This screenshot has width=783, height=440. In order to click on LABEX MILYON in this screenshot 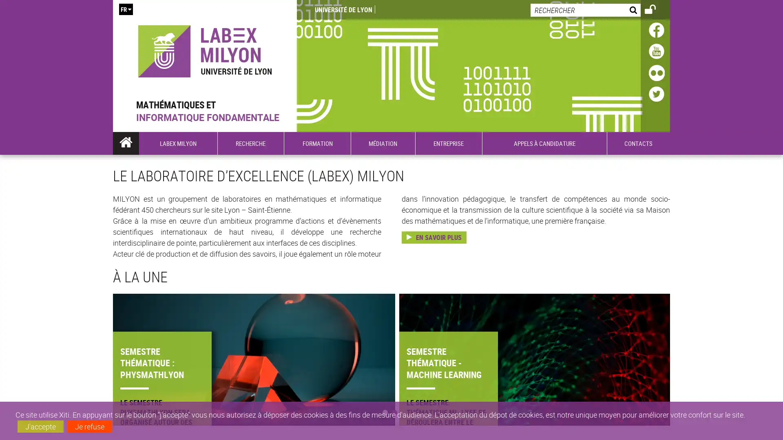, I will do `click(177, 143)`.